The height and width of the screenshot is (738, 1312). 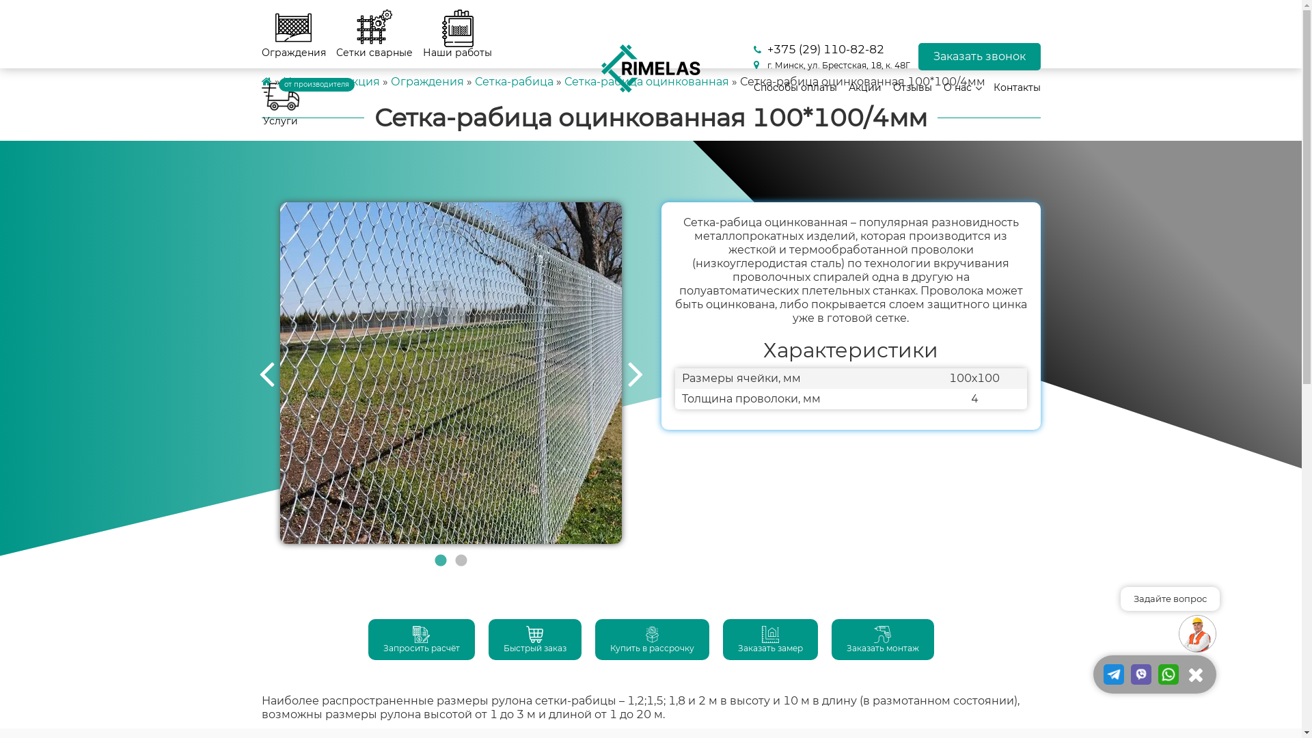 What do you see at coordinates (454, 561) in the screenshot?
I see `'2'` at bounding box center [454, 561].